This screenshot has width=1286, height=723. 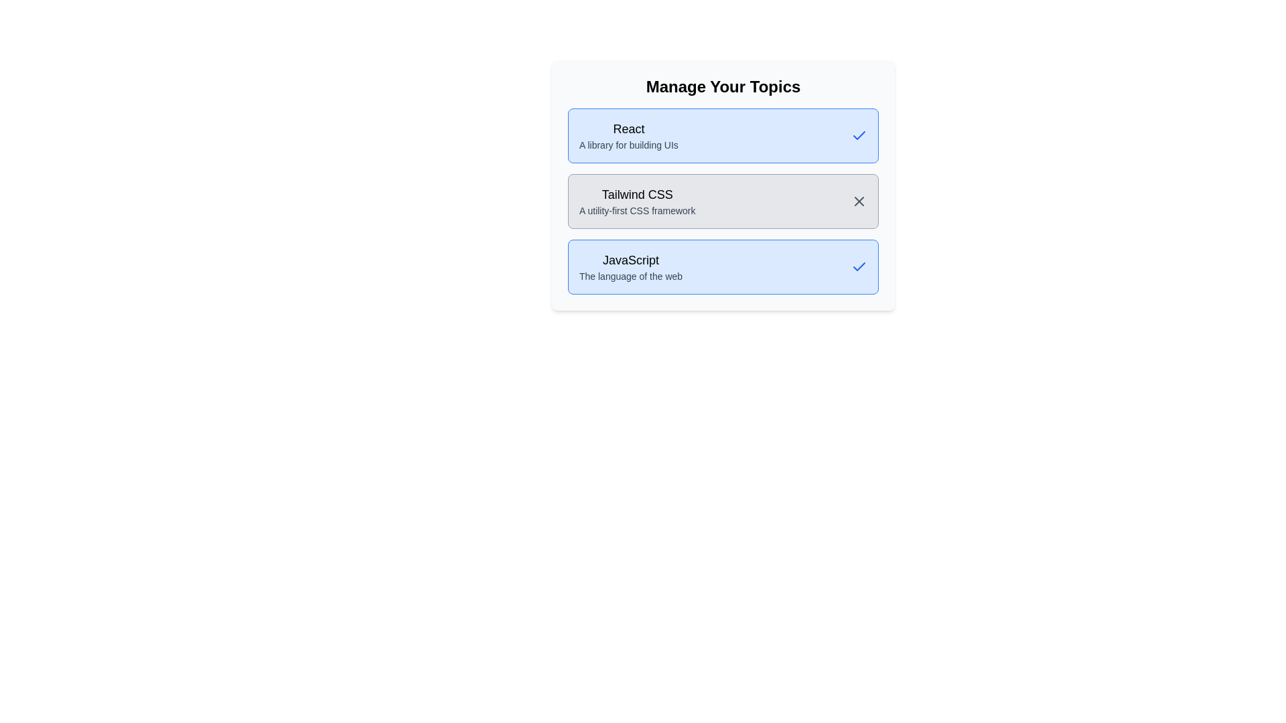 What do you see at coordinates (723, 266) in the screenshot?
I see `the tag labeled JavaScript` at bounding box center [723, 266].